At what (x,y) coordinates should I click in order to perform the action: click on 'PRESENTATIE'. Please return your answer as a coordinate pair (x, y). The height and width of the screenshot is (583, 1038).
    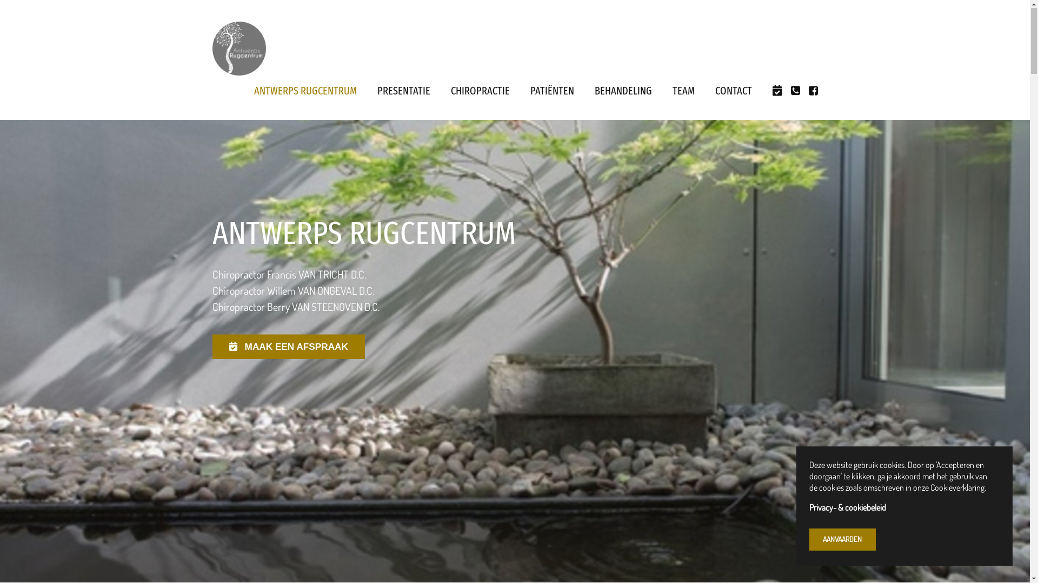
    Looking at the image, I should click on (403, 91).